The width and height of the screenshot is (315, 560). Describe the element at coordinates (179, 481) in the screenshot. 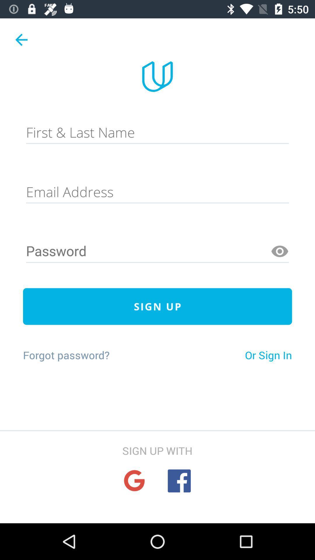

I see `facebook sign up` at that location.